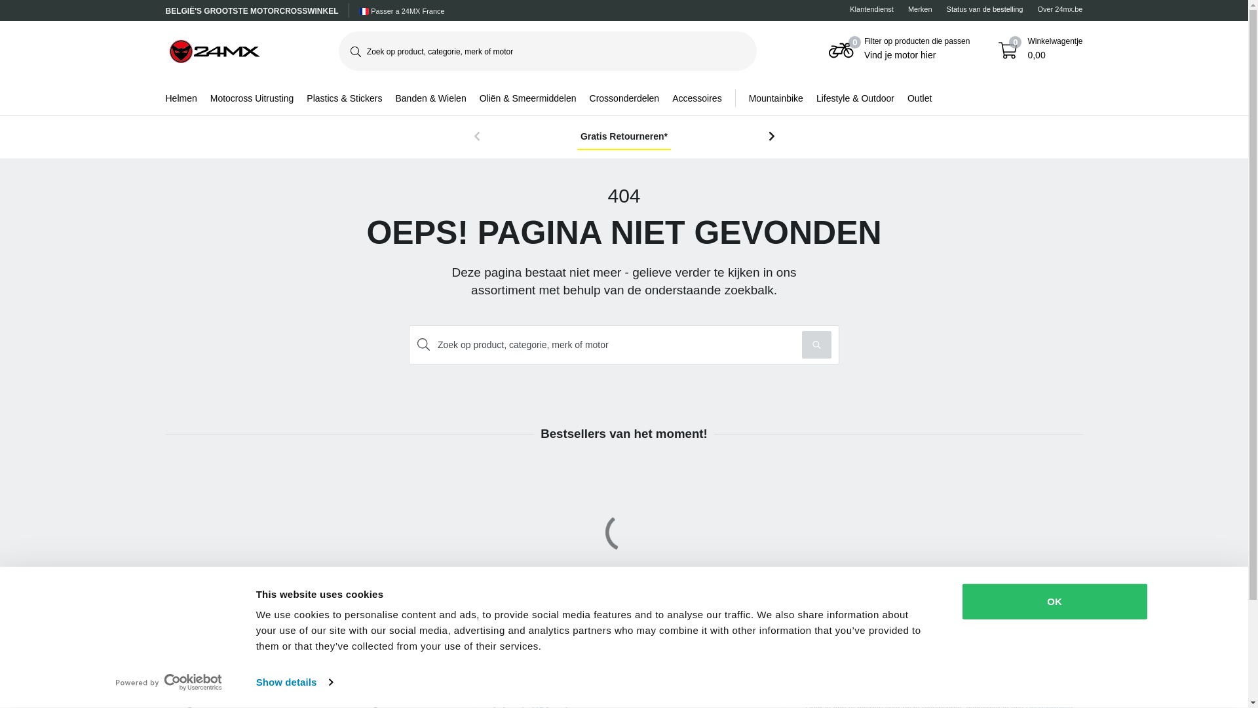  What do you see at coordinates (1059, 9) in the screenshot?
I see `'Over 24mx.be'` at bounding box center [1059, 9].